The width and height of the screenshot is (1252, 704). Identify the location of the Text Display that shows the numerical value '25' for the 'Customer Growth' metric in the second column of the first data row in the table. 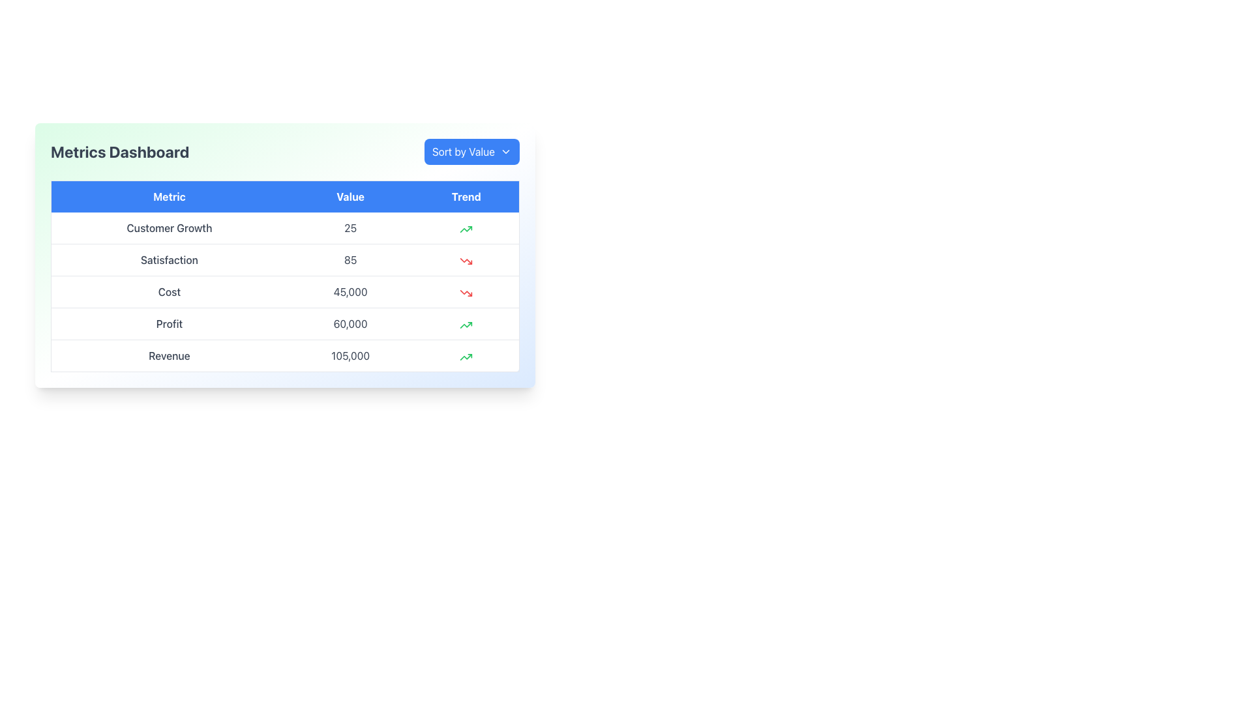
(350, 227).